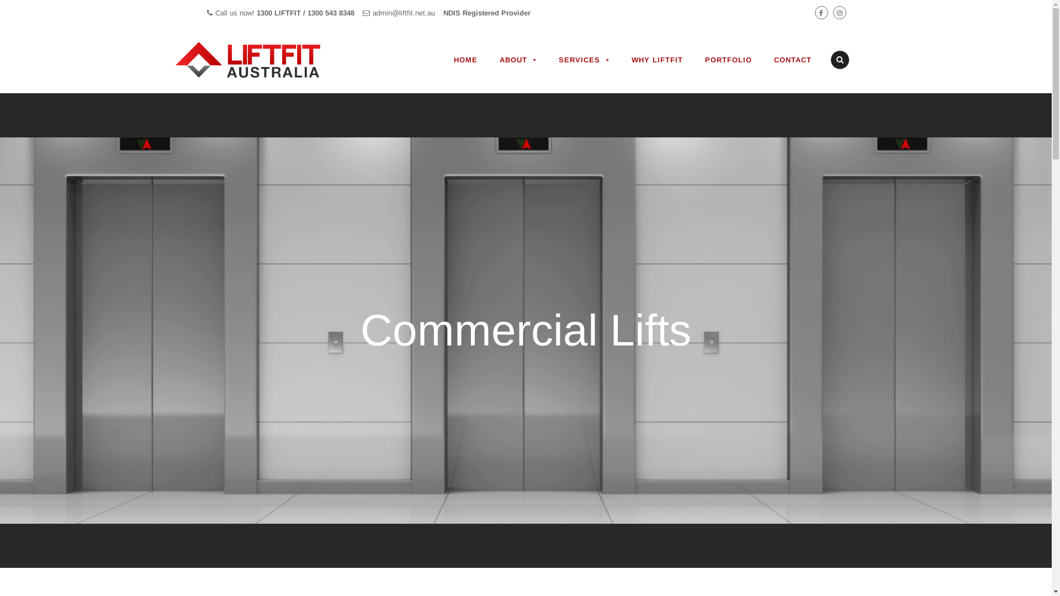 This screenshot has width=1060, height=596. What do you see at coordinates (465, 60) in the screenshot?
I see `'HOME'` at bounding box center [465, 60].